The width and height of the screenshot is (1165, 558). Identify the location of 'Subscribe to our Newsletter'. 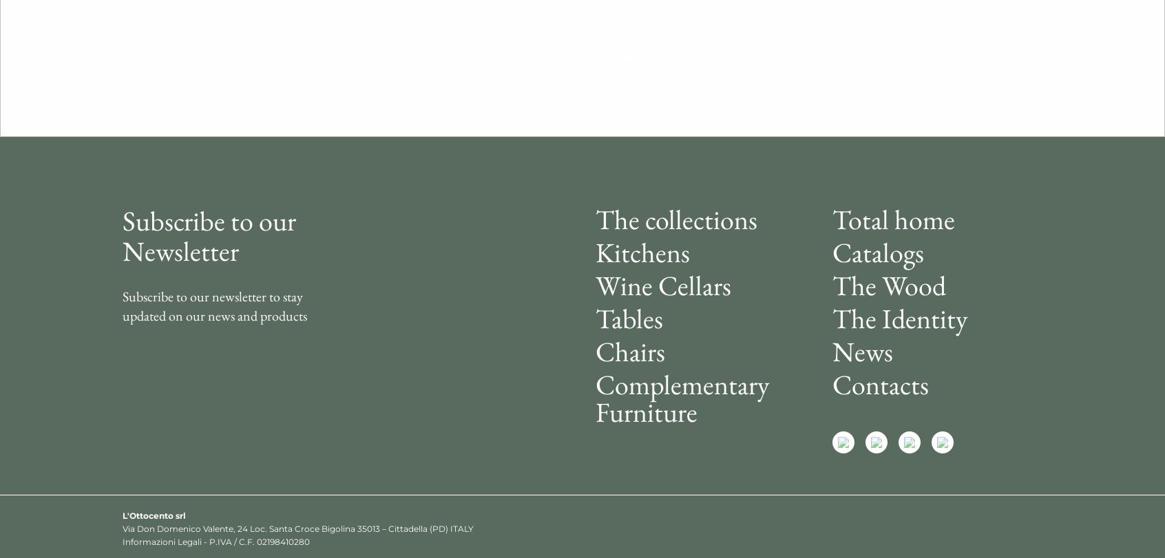
(208, 235).